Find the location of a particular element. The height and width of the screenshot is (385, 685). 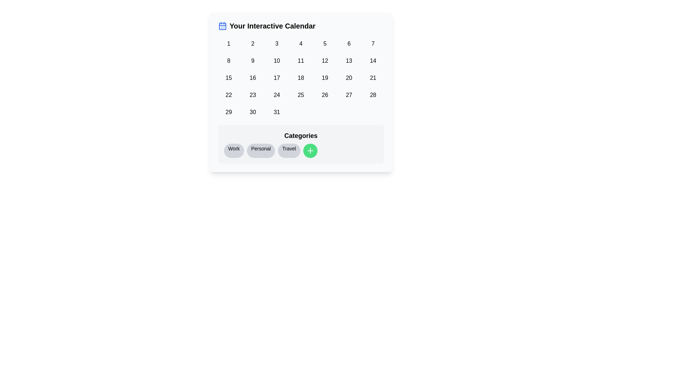

the calendar icon with a blue outline that is positioned to the left of the text 'Your Interactive Calendar' is located at coordinates (222, 26).